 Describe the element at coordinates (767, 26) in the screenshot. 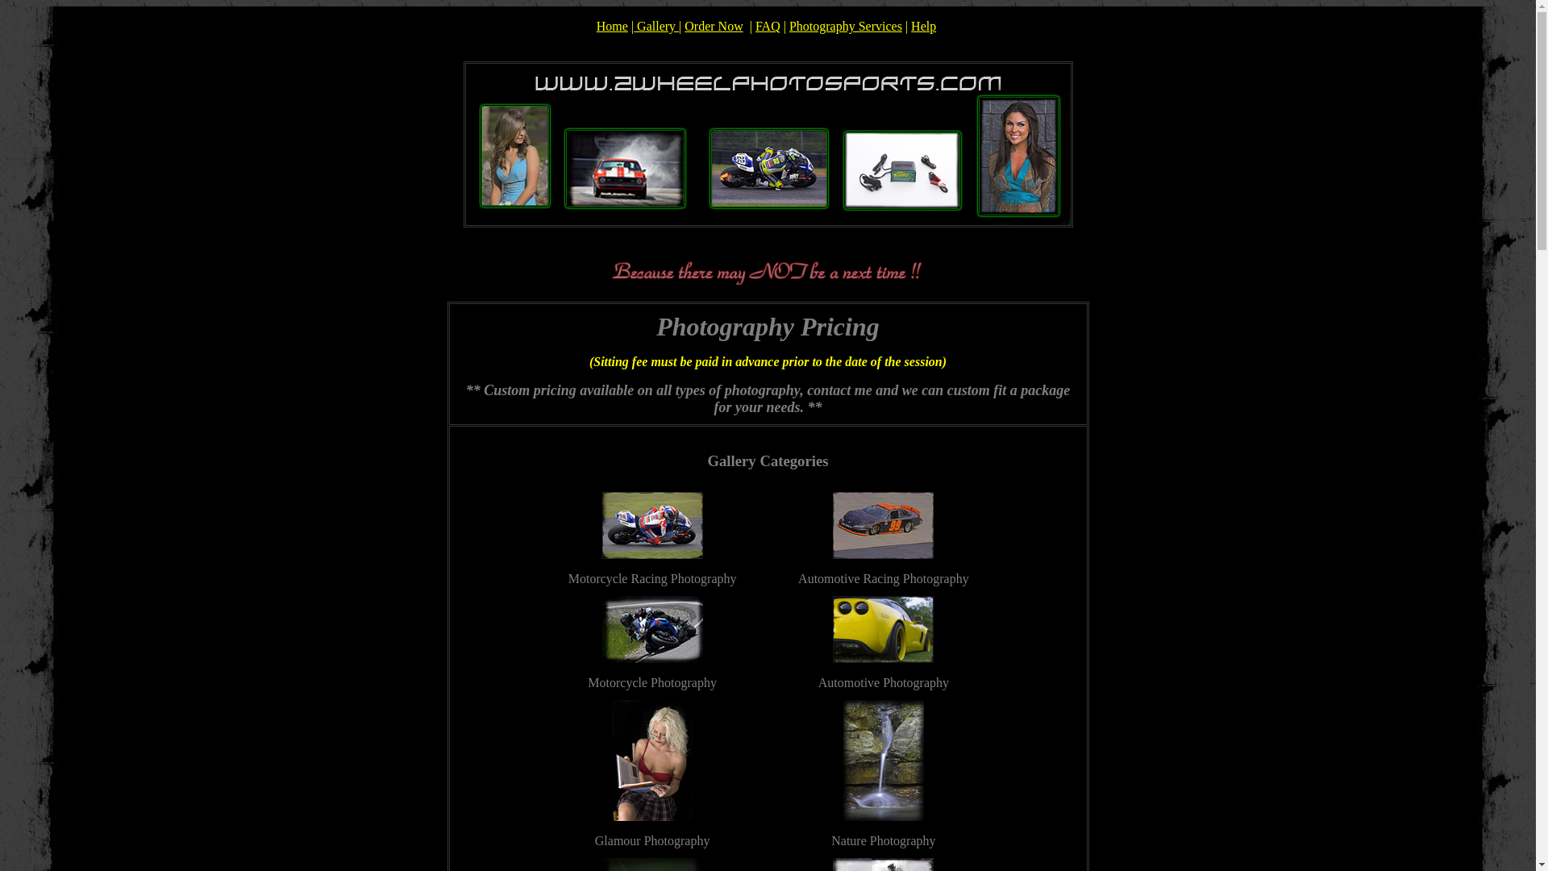

I see `'FAQ'` at that location.